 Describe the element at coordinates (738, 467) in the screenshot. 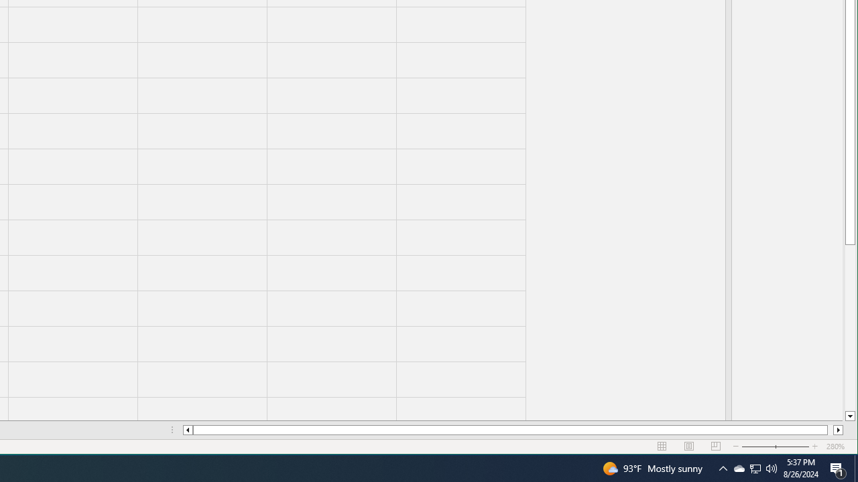

I see `'User Promoted Notification Area'` at that location.